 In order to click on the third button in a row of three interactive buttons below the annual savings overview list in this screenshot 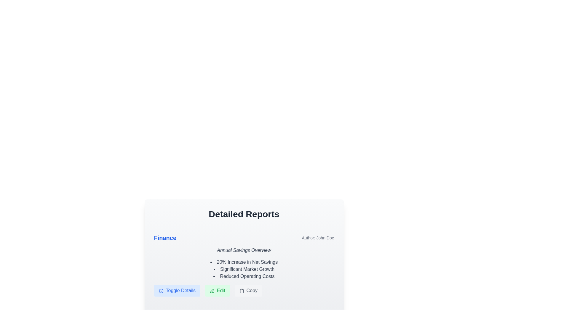, I will do `click(244, 290)`.